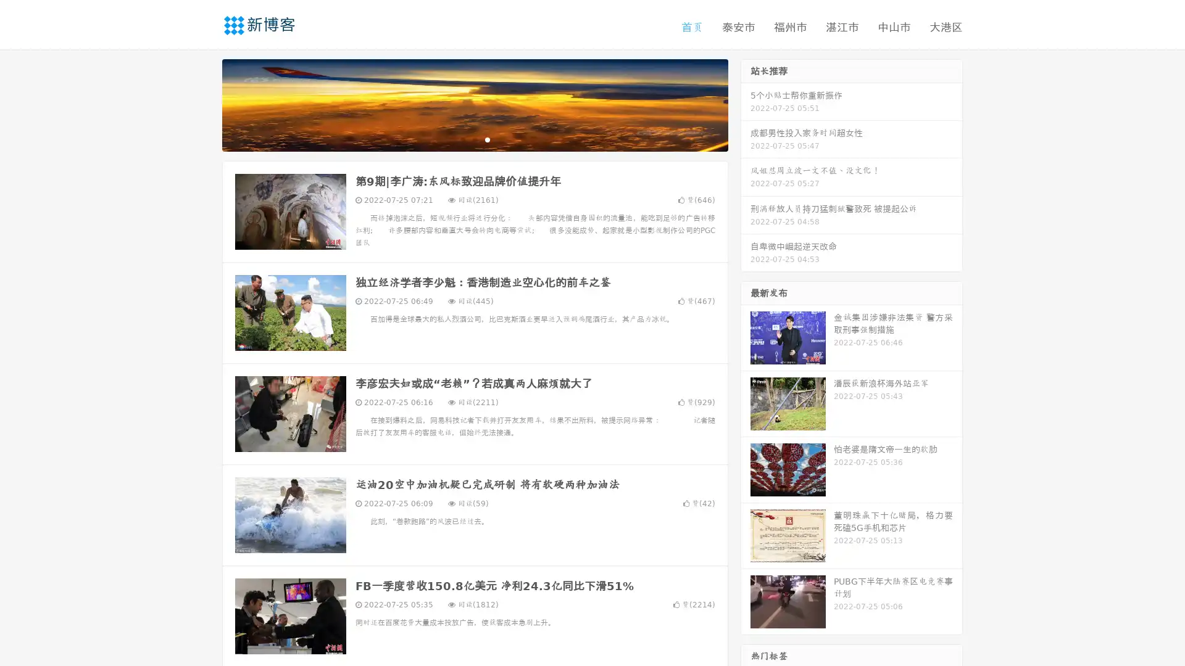 This screenshot has width=1185, height=666. Describe the element at coordinates (204, 104) in the screenshot. I see `Previous slide` at that location.